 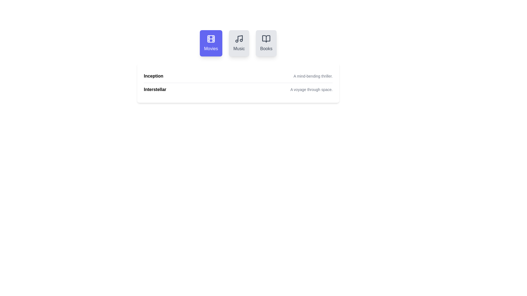 What do you see at coordinates (266, 43) in the screenshot?
I see `the Books tab` at bounding box center [266, 43].